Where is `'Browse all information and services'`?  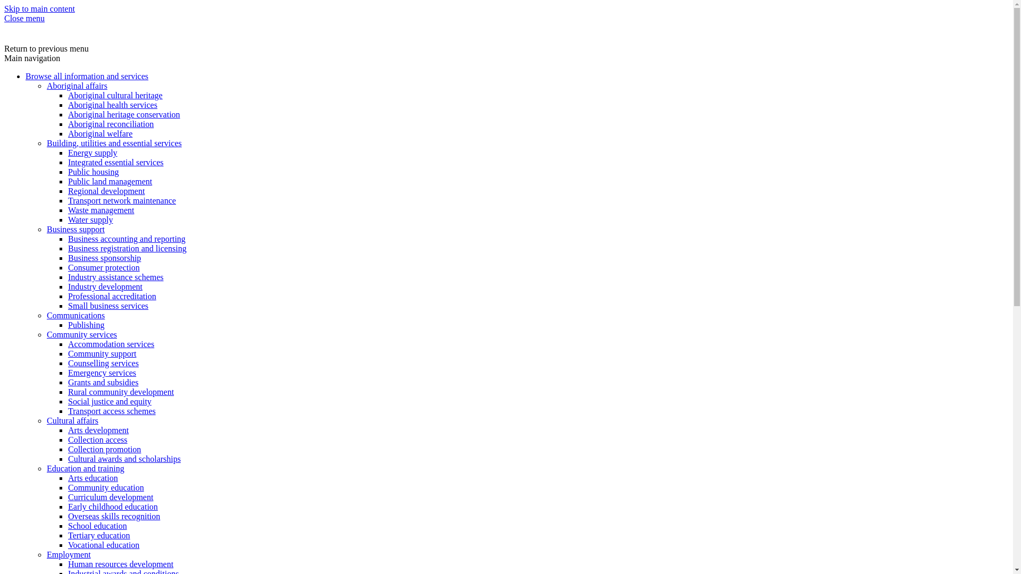 'Browse all information and services' is located at coordinates (26, 75).